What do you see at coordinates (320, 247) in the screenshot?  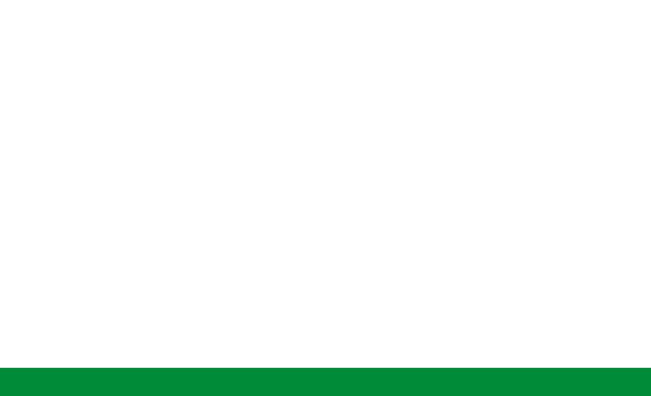 I see `'Installs anywhere in the building'` at bounding box center [320, 247].